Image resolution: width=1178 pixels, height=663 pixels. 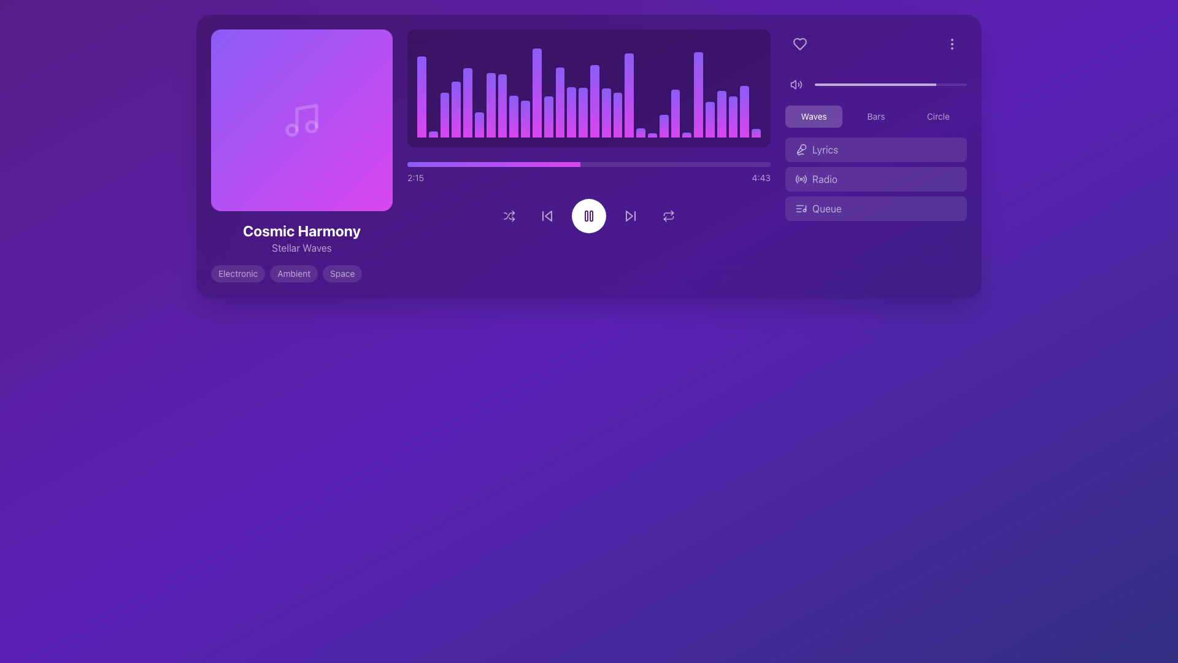 What do you see at coordinates (547, 215) in the screenshot?
I see `the media control button that skips to the previous track, which is the second button in a row of five controls beneath the progress bar` at bounding box center [547, 215].